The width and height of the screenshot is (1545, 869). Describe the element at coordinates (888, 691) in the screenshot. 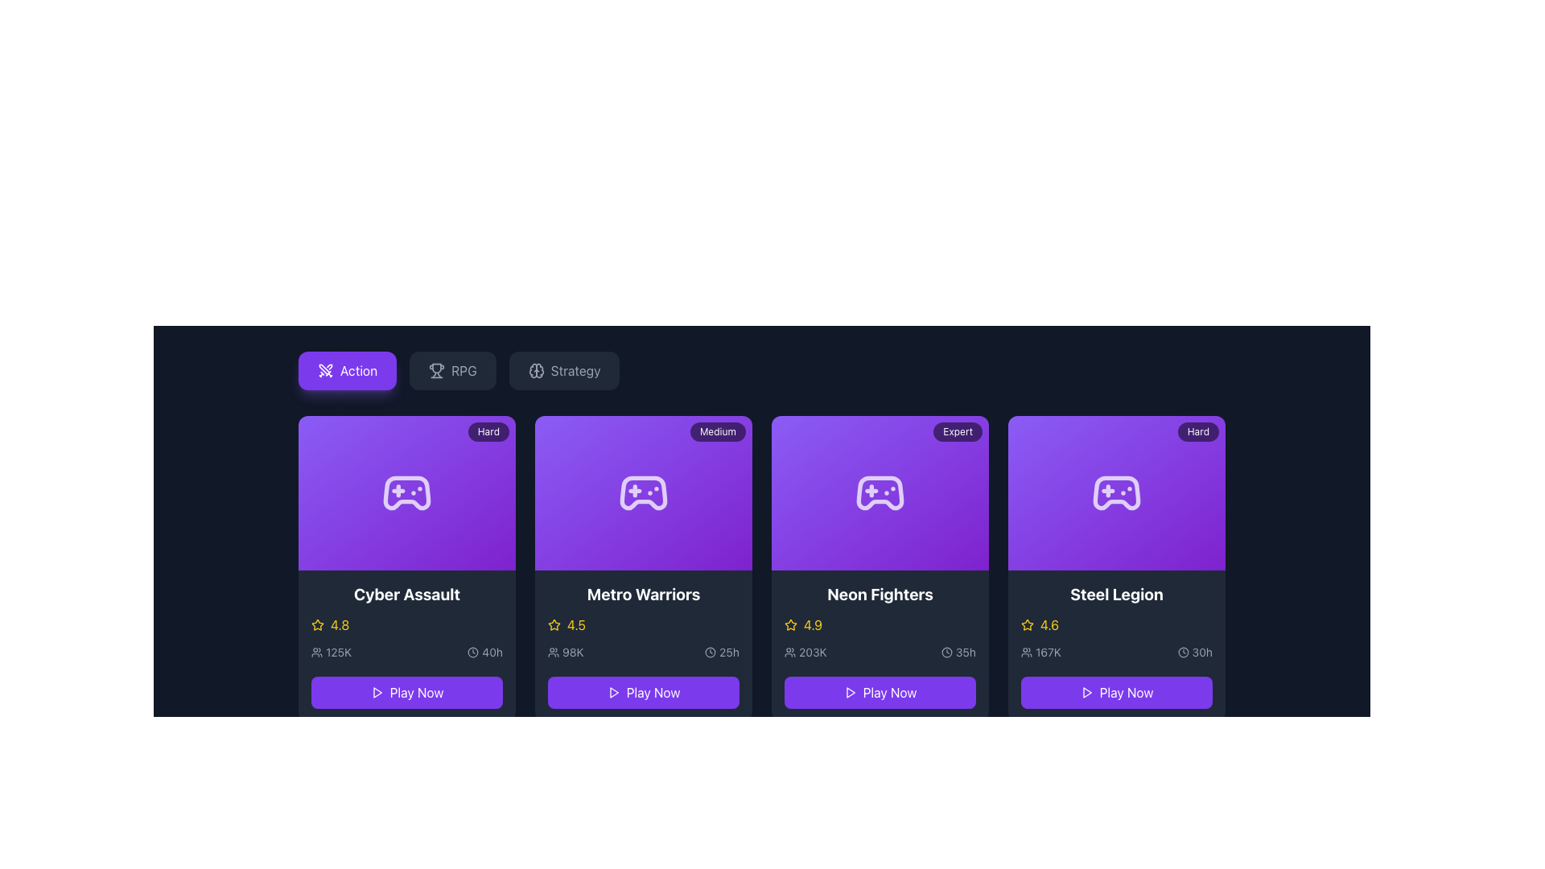

I see `the text label at the bottom of the 'Neon Fighters' card` at that location.